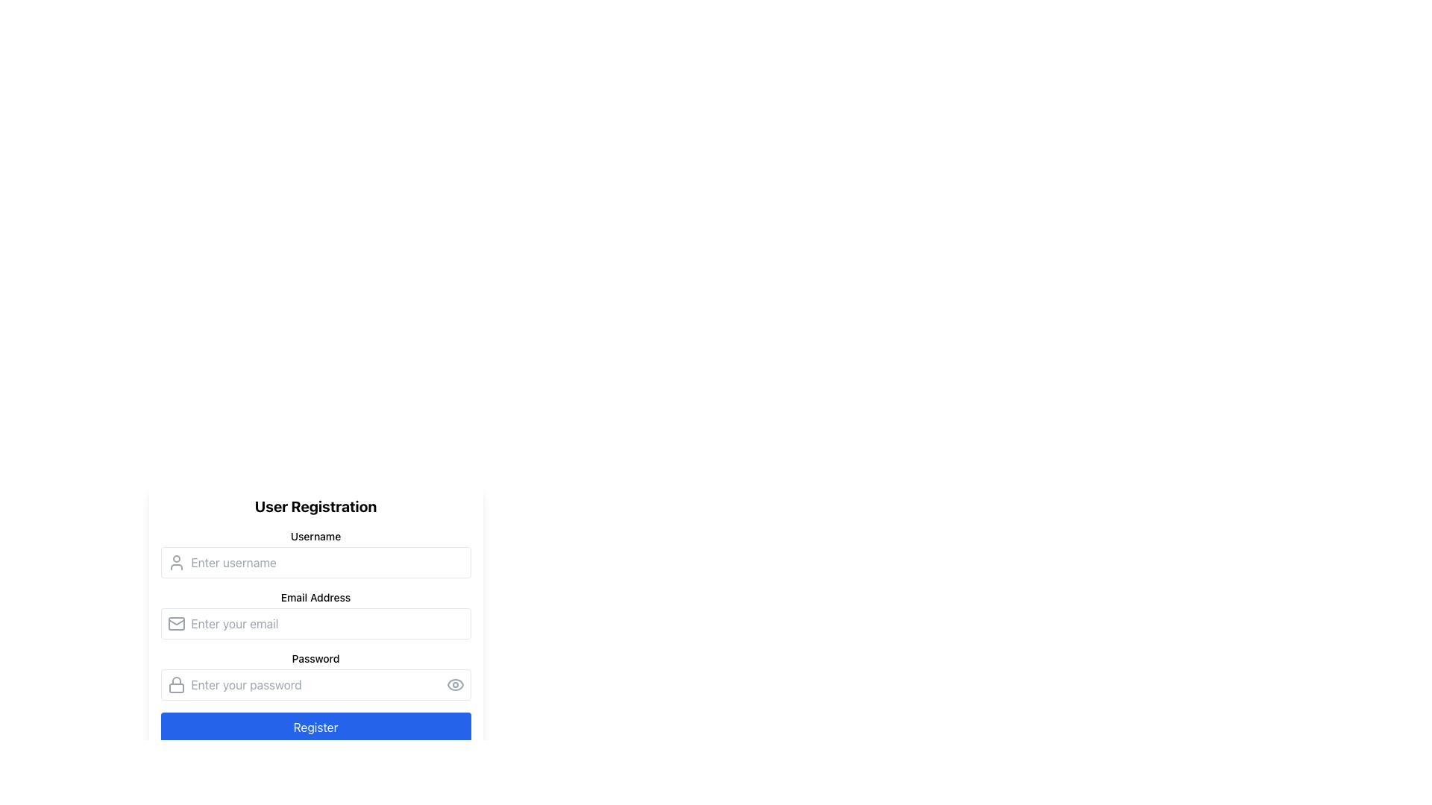 The image size is (1432, 805). I want to click on the user profile icon located to the left of the 'Enter username' input field in the 'Username' section of the form, so click(176, 563).